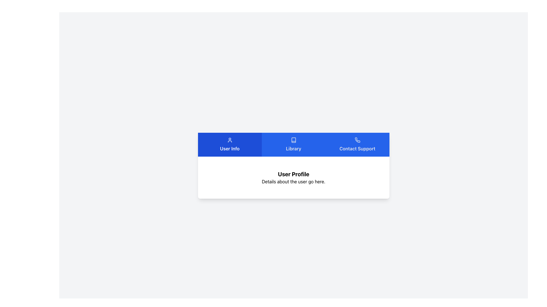 The width and height of the screenshot is (547, 307). I want to click on the 'User Info' text label, which is styled in white against a blue background and is located in the leftmost section of the navigation bar, so click(230, 148).